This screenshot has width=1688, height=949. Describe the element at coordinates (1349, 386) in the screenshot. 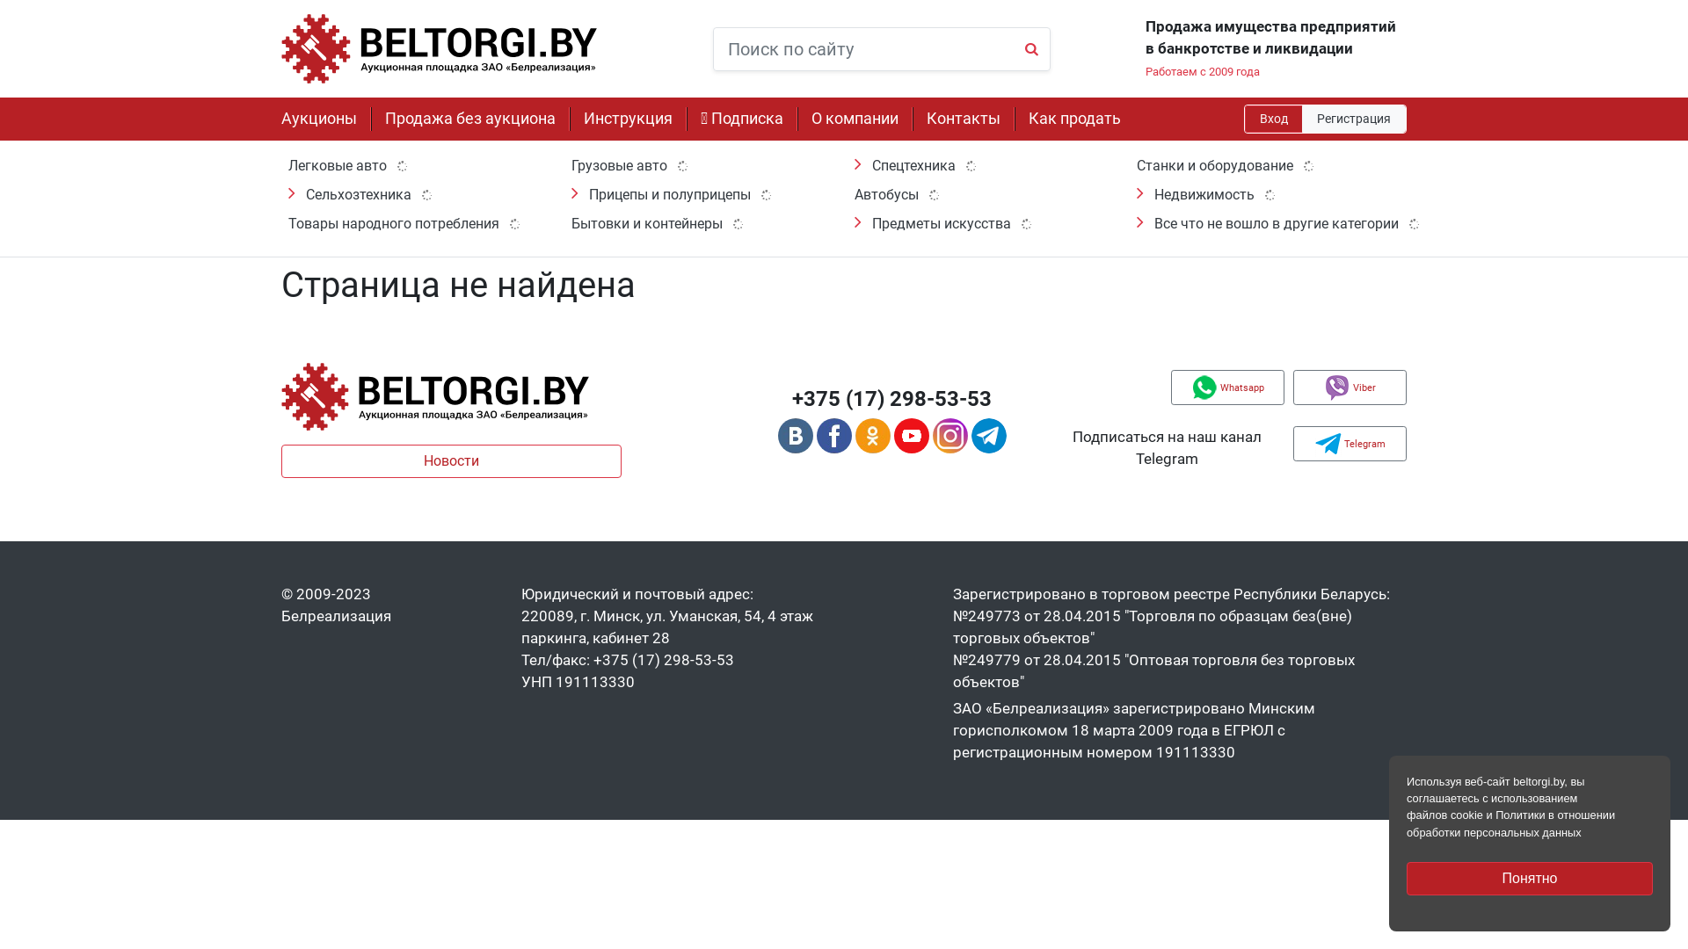

I see `'Viber'` at that location.